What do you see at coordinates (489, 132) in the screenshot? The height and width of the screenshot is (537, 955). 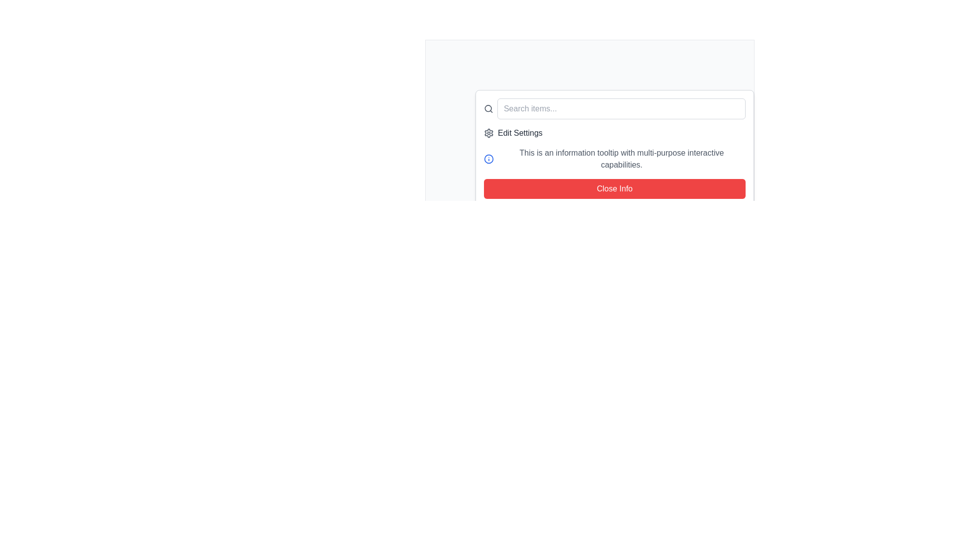 I see `the settings icon located to the left of the 'Edit Settings' text` at bounding box center [489, 132].